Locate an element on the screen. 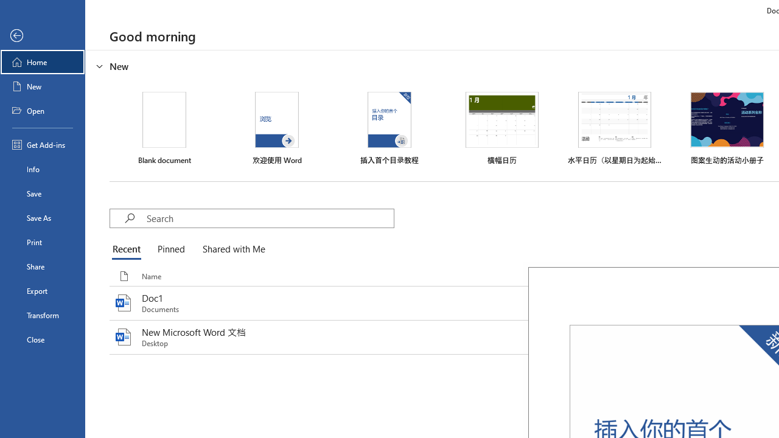 The height and width of the screenshot is (438, 779). 'Home' is located at coordinates (42, 61).